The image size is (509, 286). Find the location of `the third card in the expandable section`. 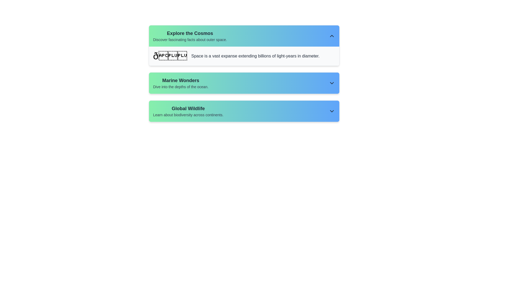

the third card in the expandable section is located at coordinates (244, 111).